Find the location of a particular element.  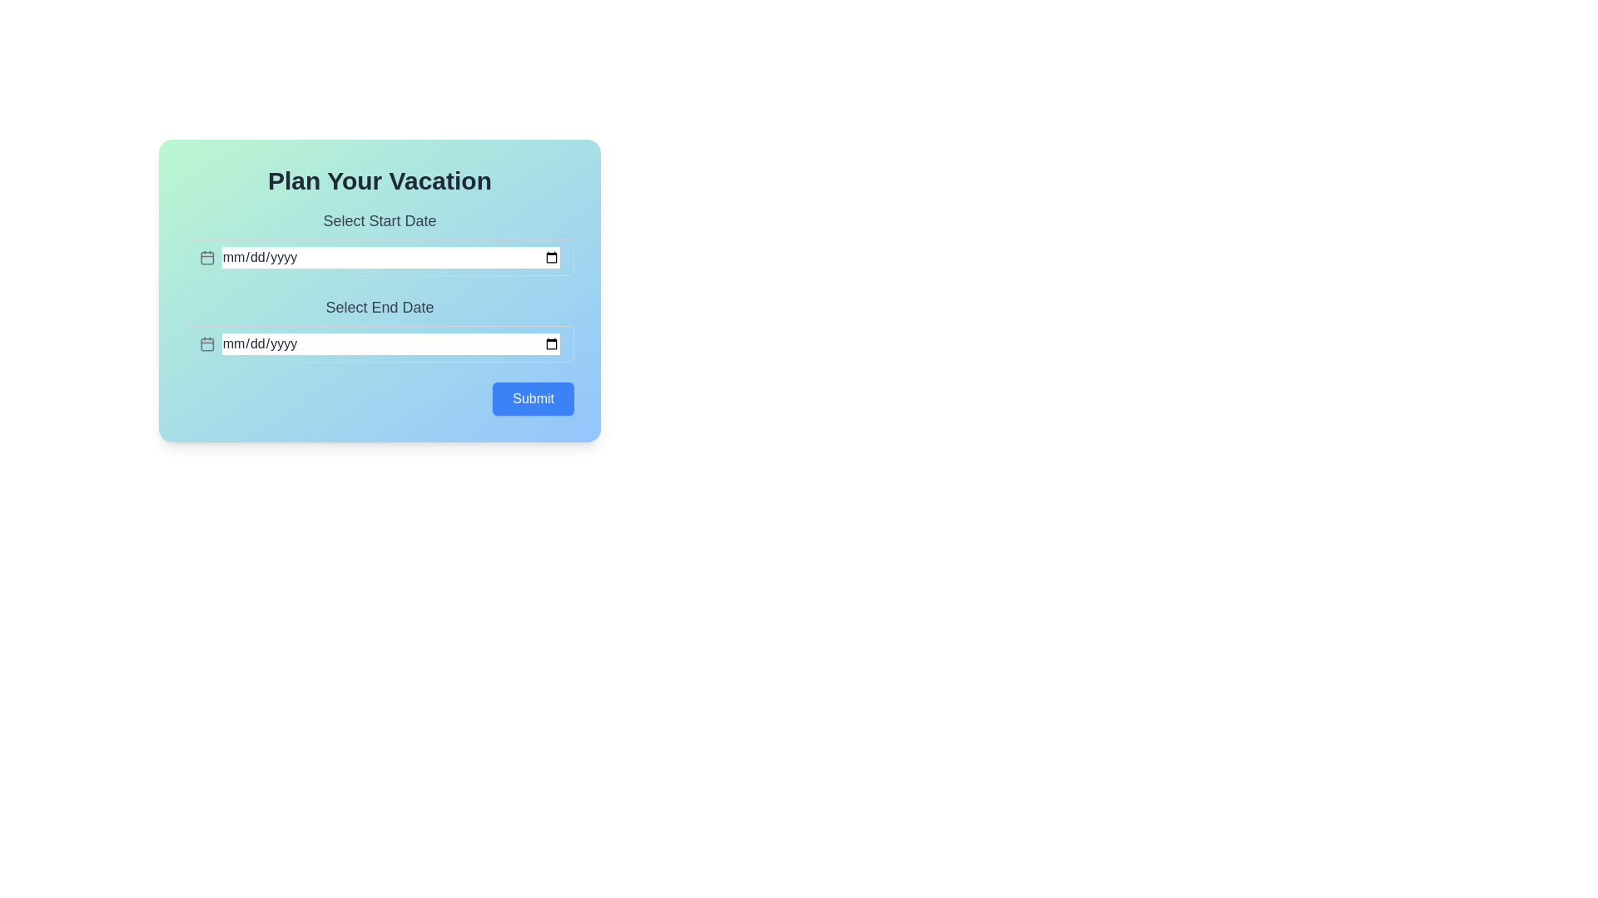

the text label that indicates the function for selecting an end date, positioned below the 'Select Start Date' label on the form interface is located at coordinates (379, 308).